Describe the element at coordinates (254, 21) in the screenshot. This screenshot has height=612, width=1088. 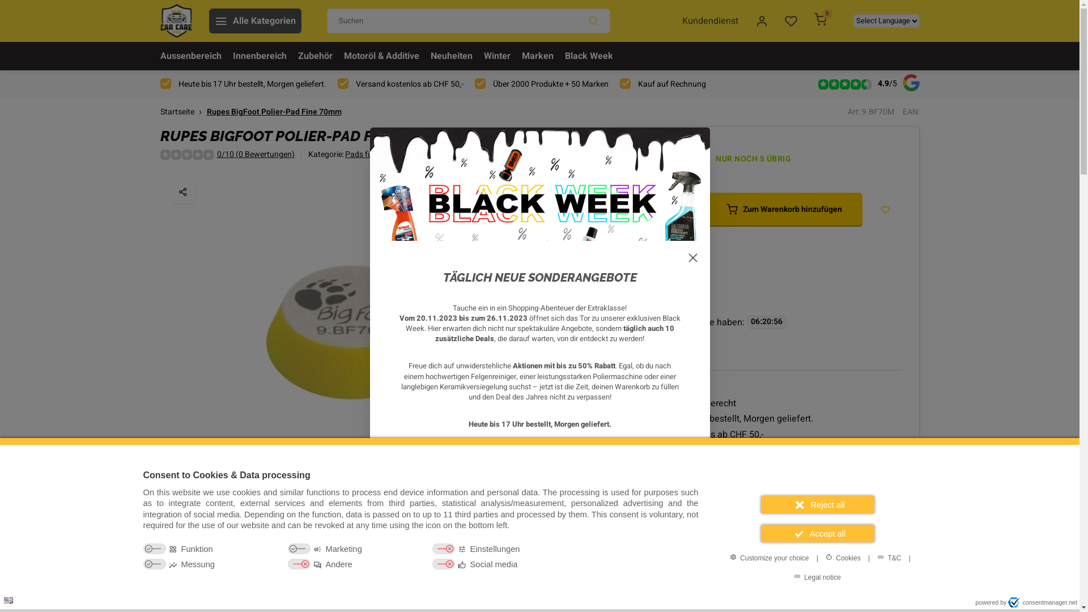
I see `'Alle Kategorien'` at that location.